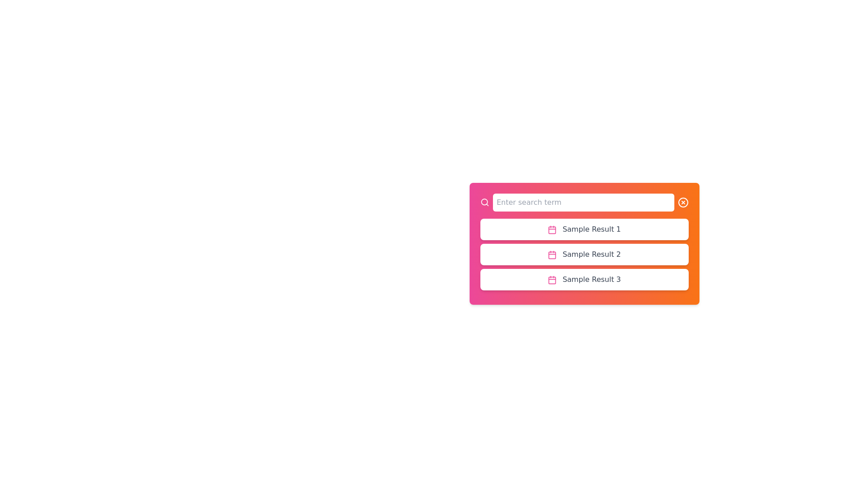  I want to click on the calendar icon located on the left side of 'Sample Result 2', which signifies date-related functions, so click(552, 255).